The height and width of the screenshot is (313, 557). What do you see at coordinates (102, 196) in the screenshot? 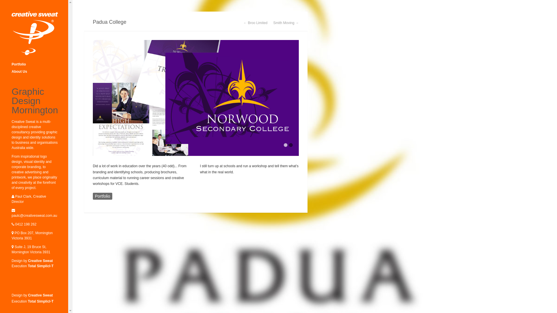
I see `'Portfolio'` at bounding box center [102, 196].